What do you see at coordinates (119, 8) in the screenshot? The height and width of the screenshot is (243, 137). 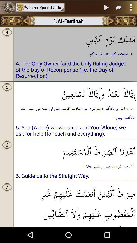 I see `the redo icon` at bounding box center [119, 8].